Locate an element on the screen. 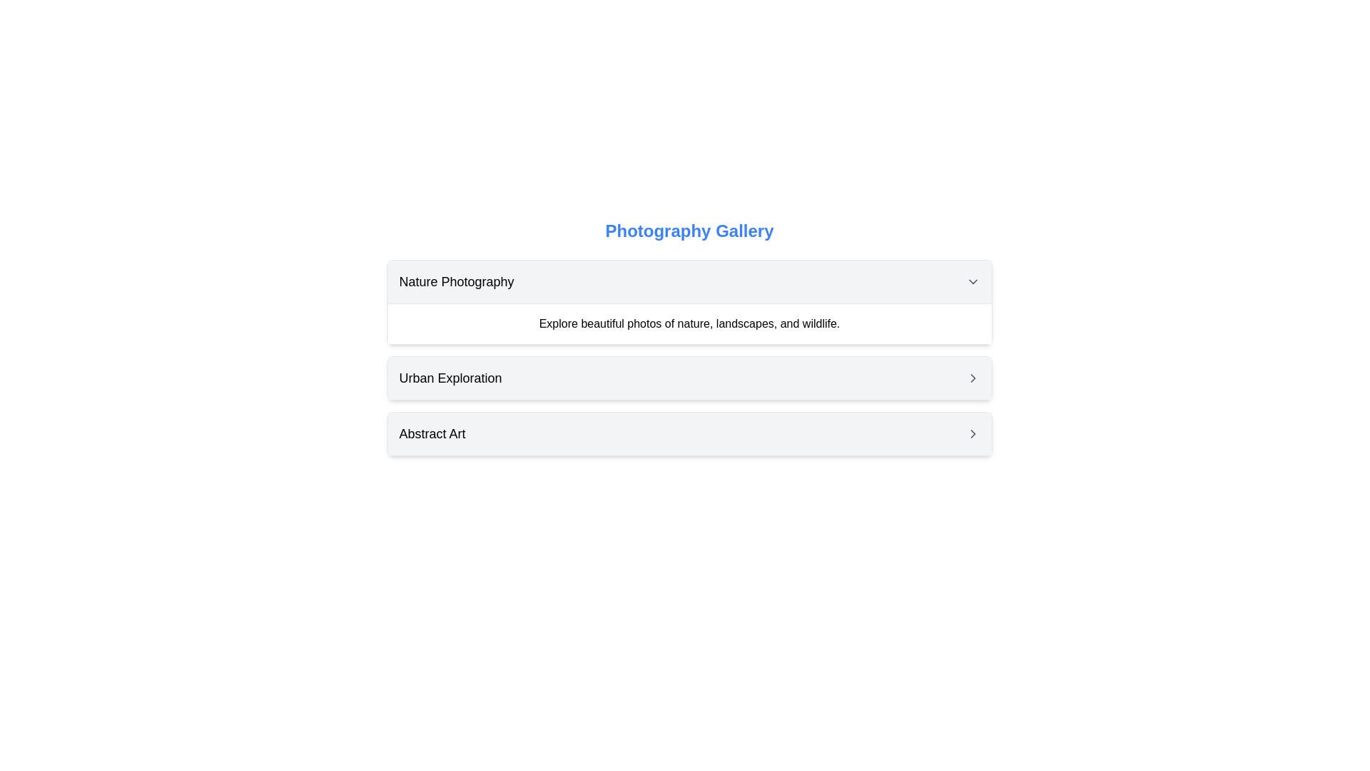 The image size is (1370, 771). the third button in the 'Photography Gallery' section, which represents the 'Abstract Art' selectable item, to trigger a visual hover effect is located at coordinates (689, 433).